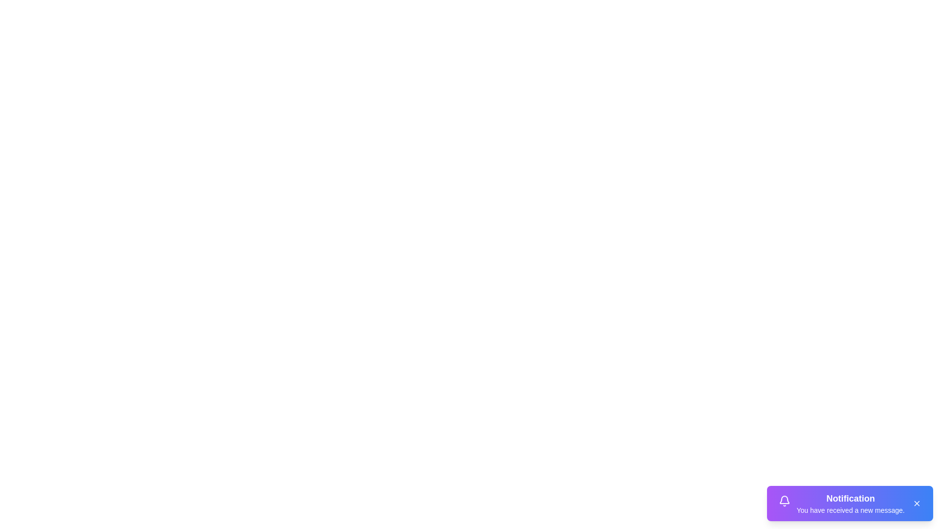 The height and width of the screenshot is (529, 941). Describe the element at coordinates (916, 504) in the screenshot. I see `the close button to dismiss the notification` at that location.